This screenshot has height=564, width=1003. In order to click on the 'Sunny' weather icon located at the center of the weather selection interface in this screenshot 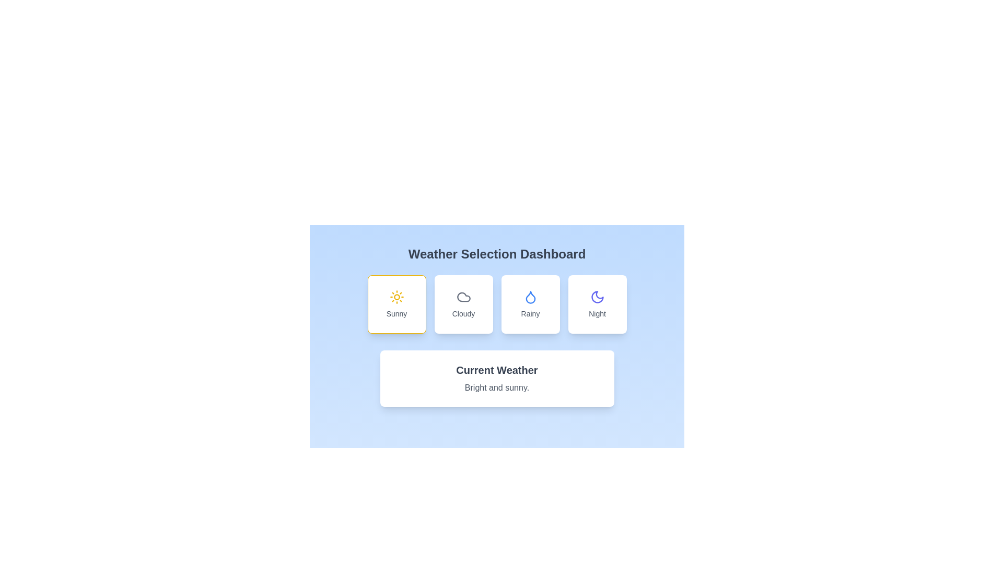, I will do `click(396, 297)`.